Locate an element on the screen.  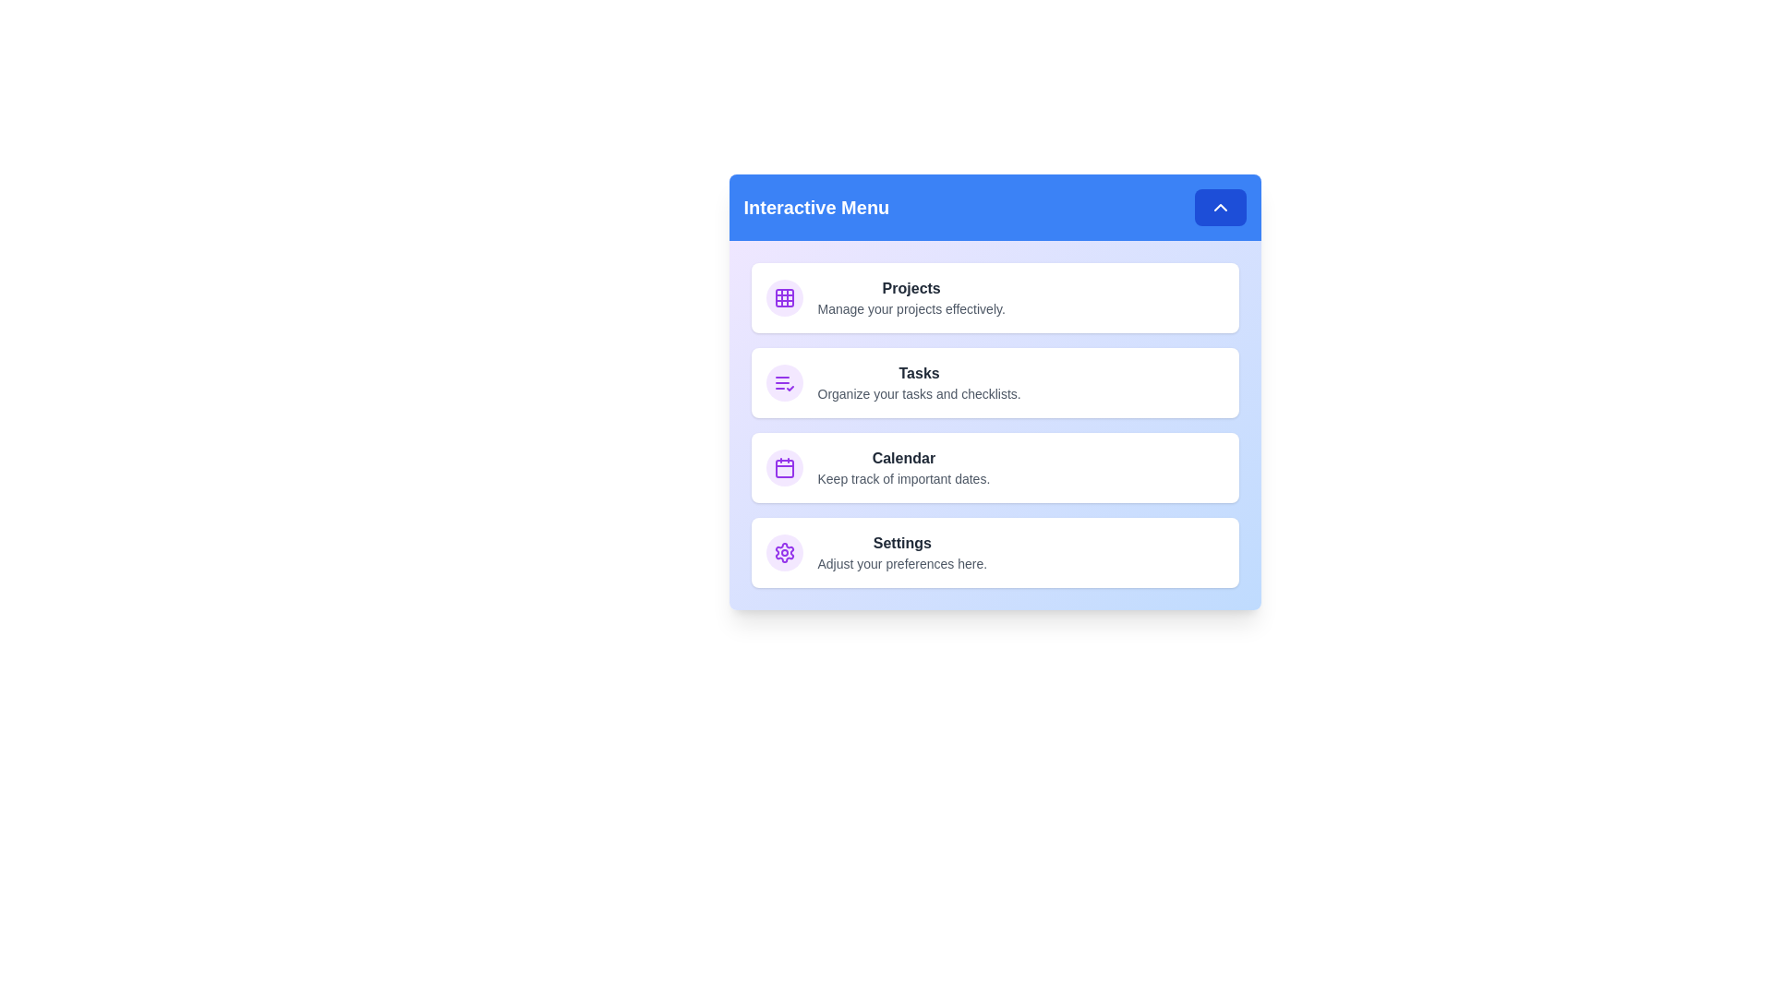
the menu item corresponding to Tasks is located at coordinates (994, 382).